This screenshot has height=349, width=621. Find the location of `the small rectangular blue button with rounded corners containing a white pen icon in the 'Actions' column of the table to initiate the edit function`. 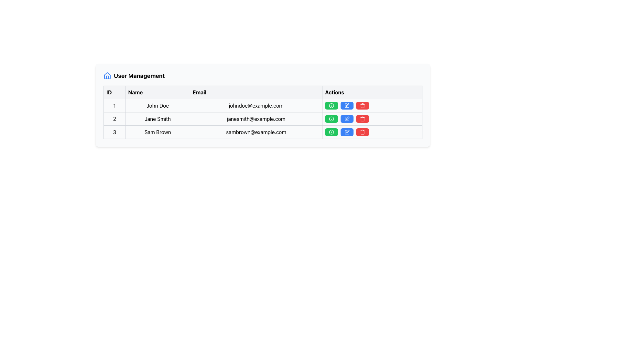

the small rectangular blue button with rounded corners containing a white pen icon in the 'Actions' column of the table to initiate the edit function is located at coordinates (347, 105).